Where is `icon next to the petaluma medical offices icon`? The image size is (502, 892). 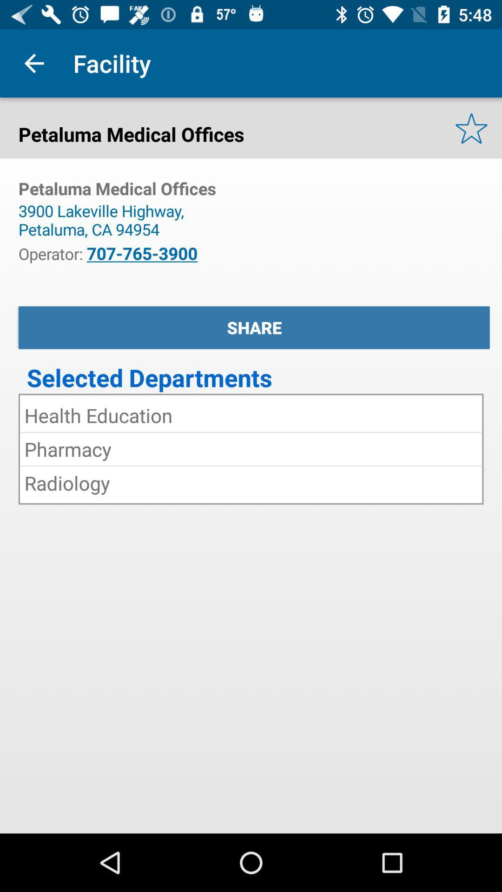
icon next to the petaluma medical offices icon is located at coordinates (471, 127).